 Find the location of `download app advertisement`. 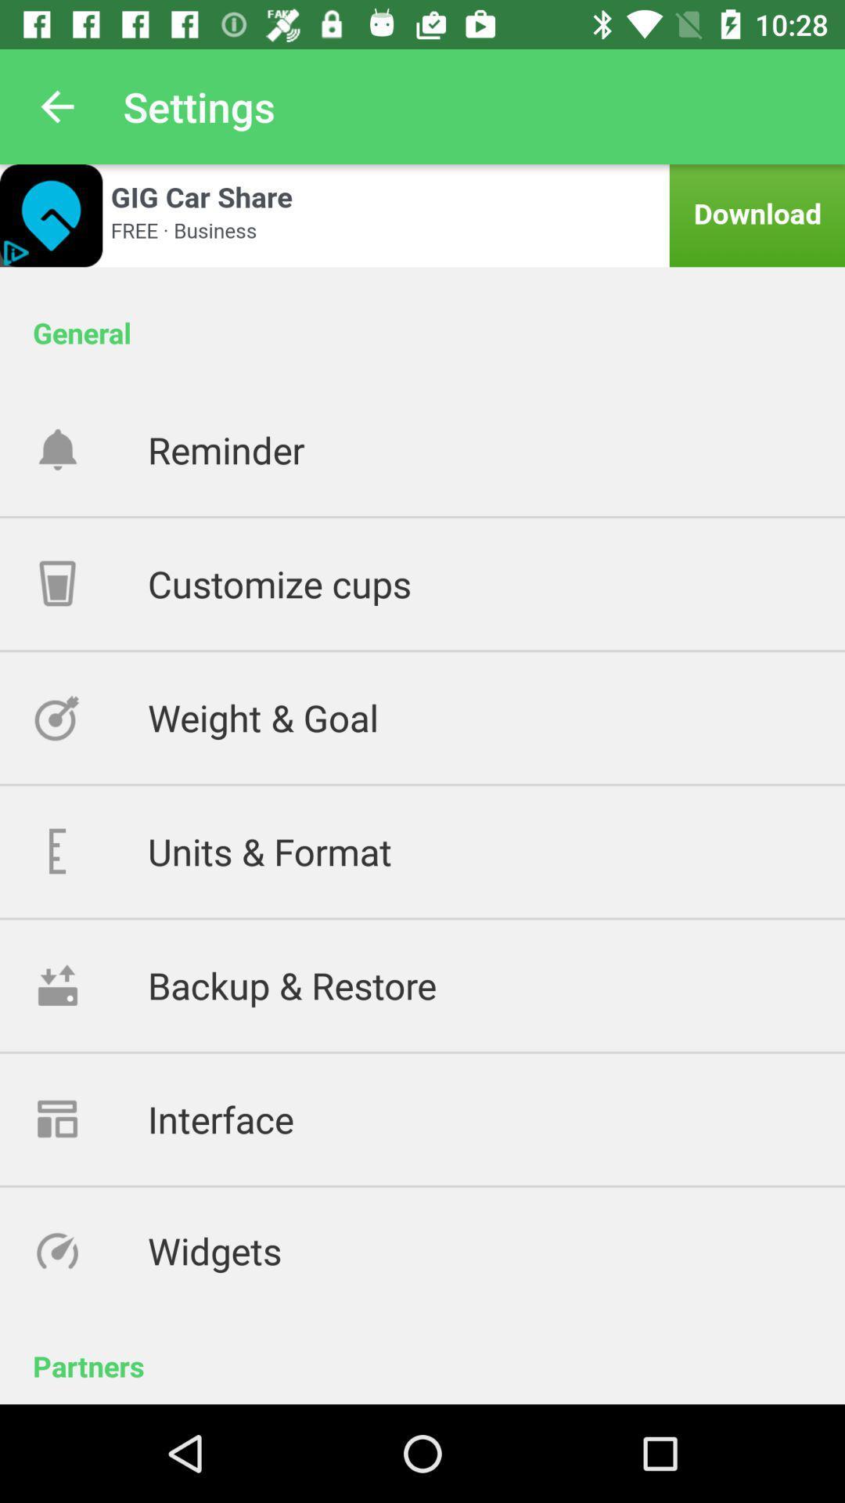

download app advertisement is located at coordinates (422, 214).